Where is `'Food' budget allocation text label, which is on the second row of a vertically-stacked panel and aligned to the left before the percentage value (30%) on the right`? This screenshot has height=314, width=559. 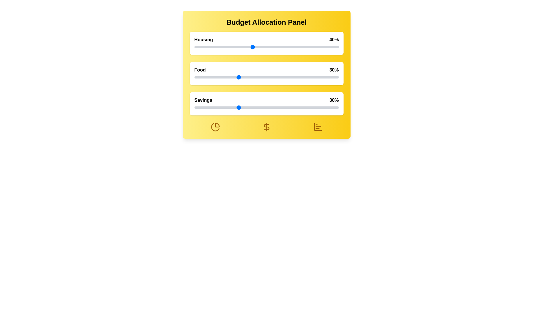
'Food' budget allocation text label, which is on the second row of a vertically-stacked panel and aligned to the left before the percentage value (30%) on the right is located at coordinates (200, 69).